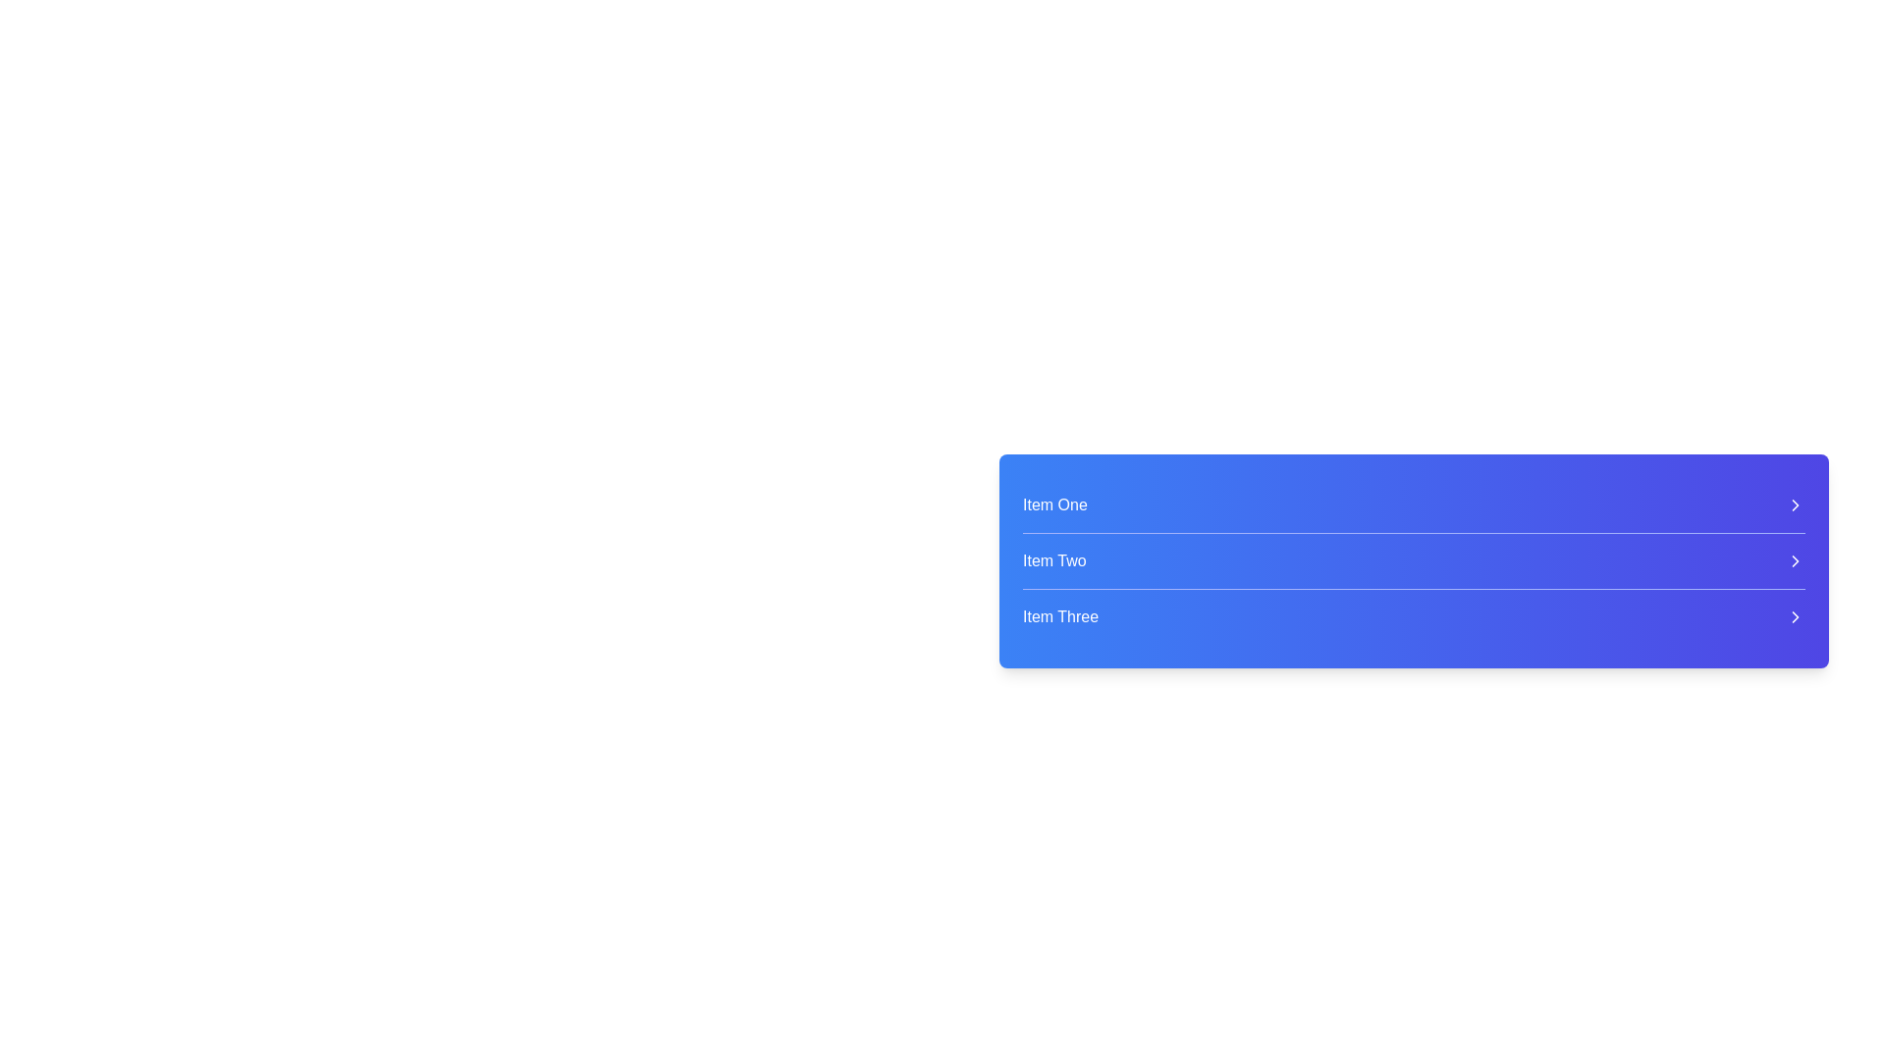 The height and width of the screenshot is (1060, 1885). I want to click on the second list item labeled 'Item Two', which is styled in white font against a gradient blue background, so click(1414, 560).